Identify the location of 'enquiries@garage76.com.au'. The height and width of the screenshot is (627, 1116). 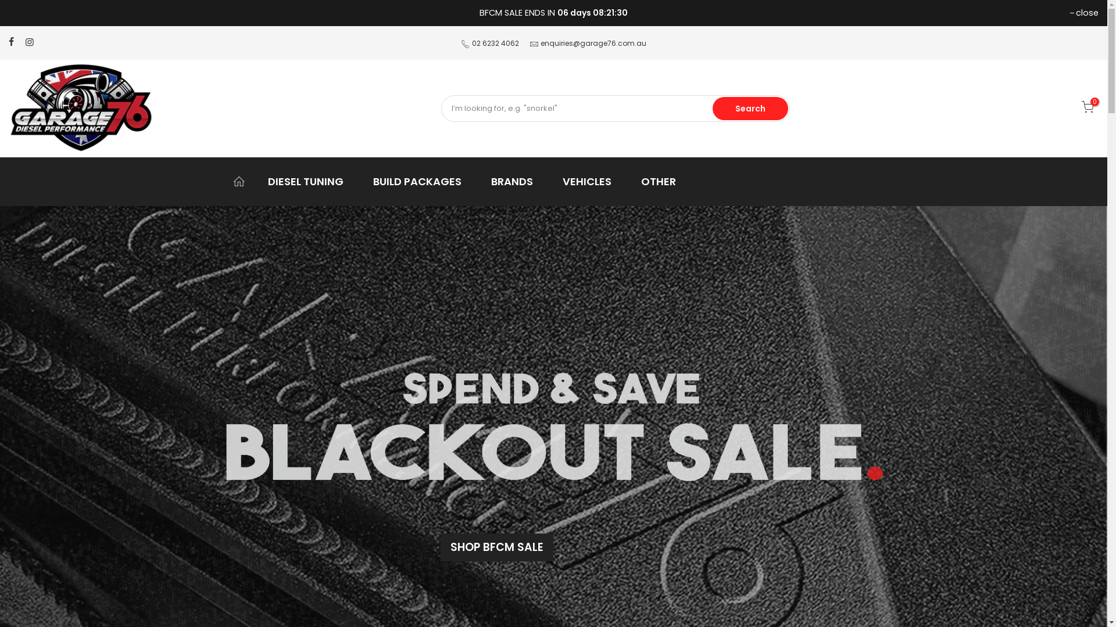
(540, 42).